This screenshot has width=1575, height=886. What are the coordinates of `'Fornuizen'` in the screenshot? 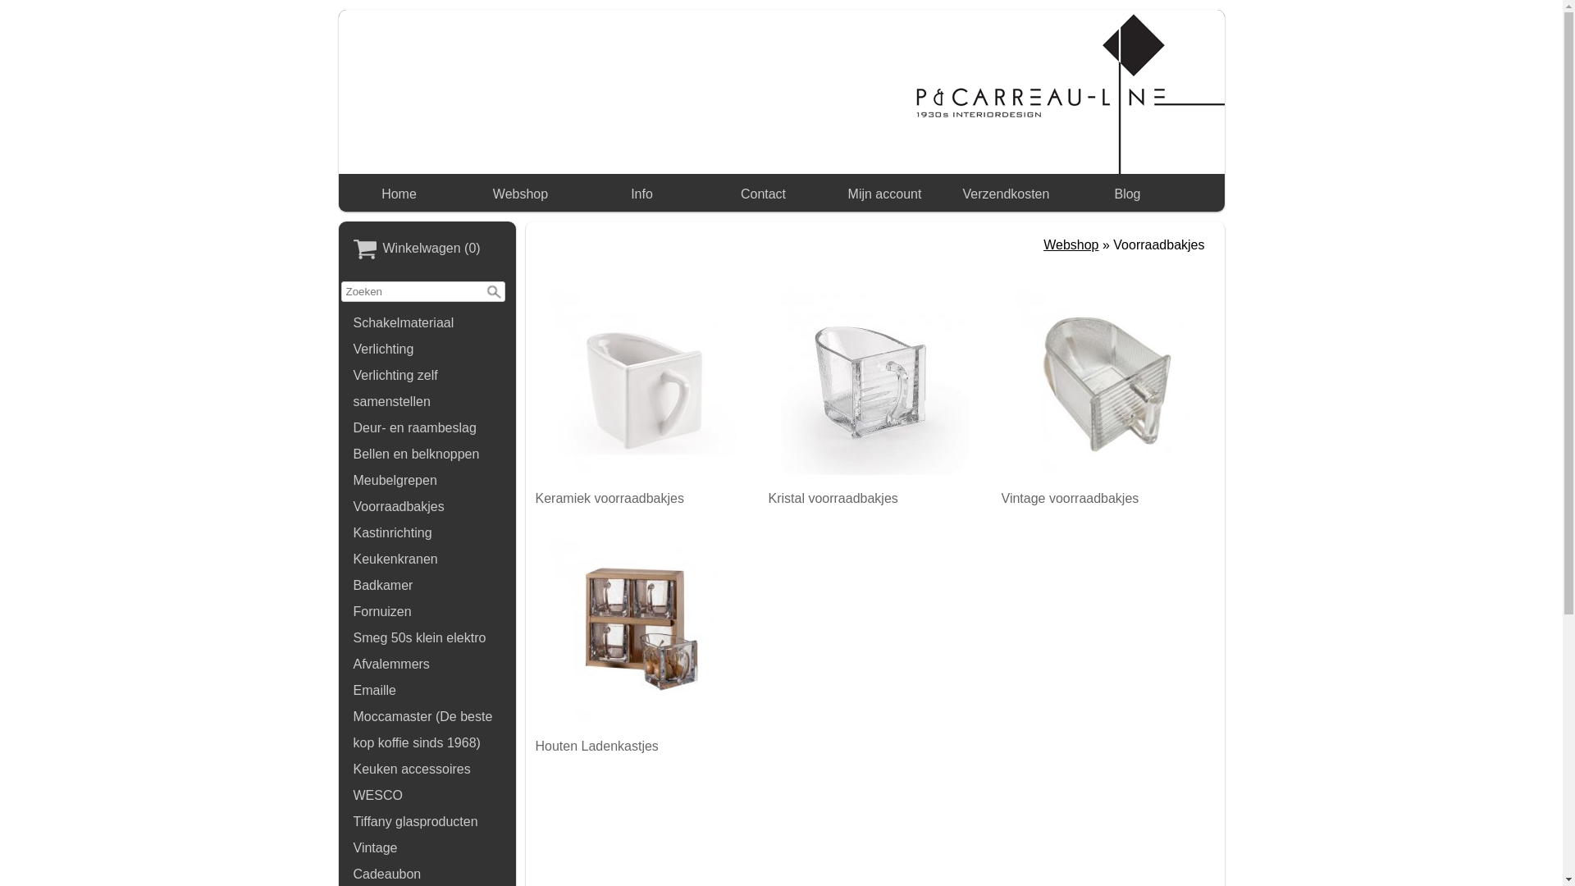 It's located at (427, 611).